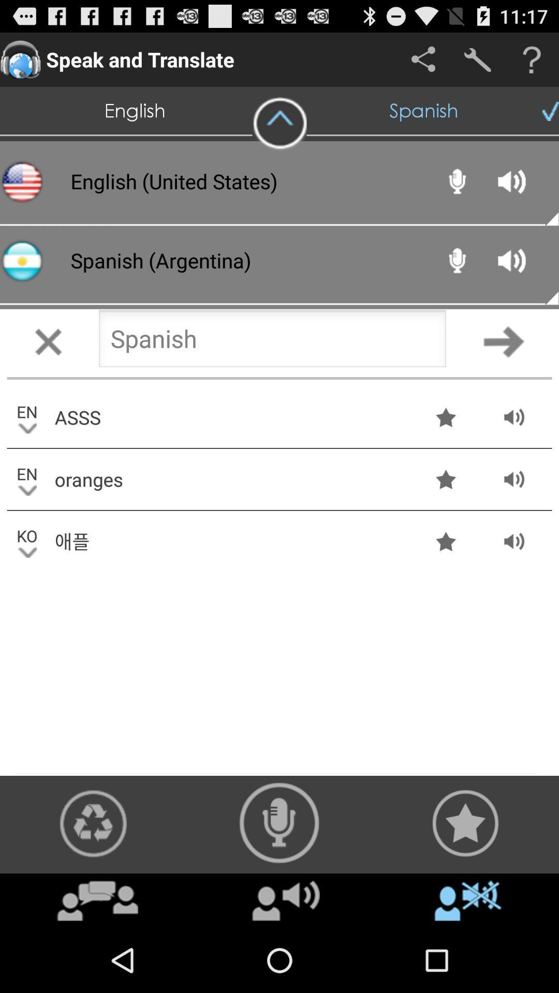 This screenshot has height=993, width=559. What do you see at coordinates (93, 822) in the screenshot?
I see `recycle icon` at bounding box center [93, 822].